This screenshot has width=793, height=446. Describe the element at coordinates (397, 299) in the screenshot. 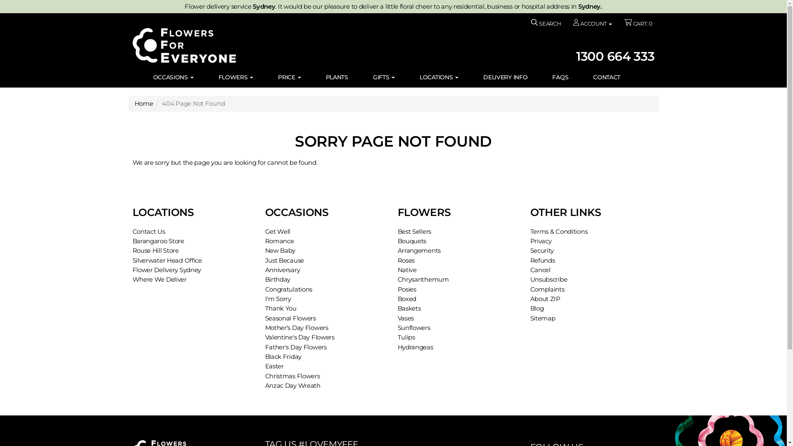

I see `'Boxed'` at that location.